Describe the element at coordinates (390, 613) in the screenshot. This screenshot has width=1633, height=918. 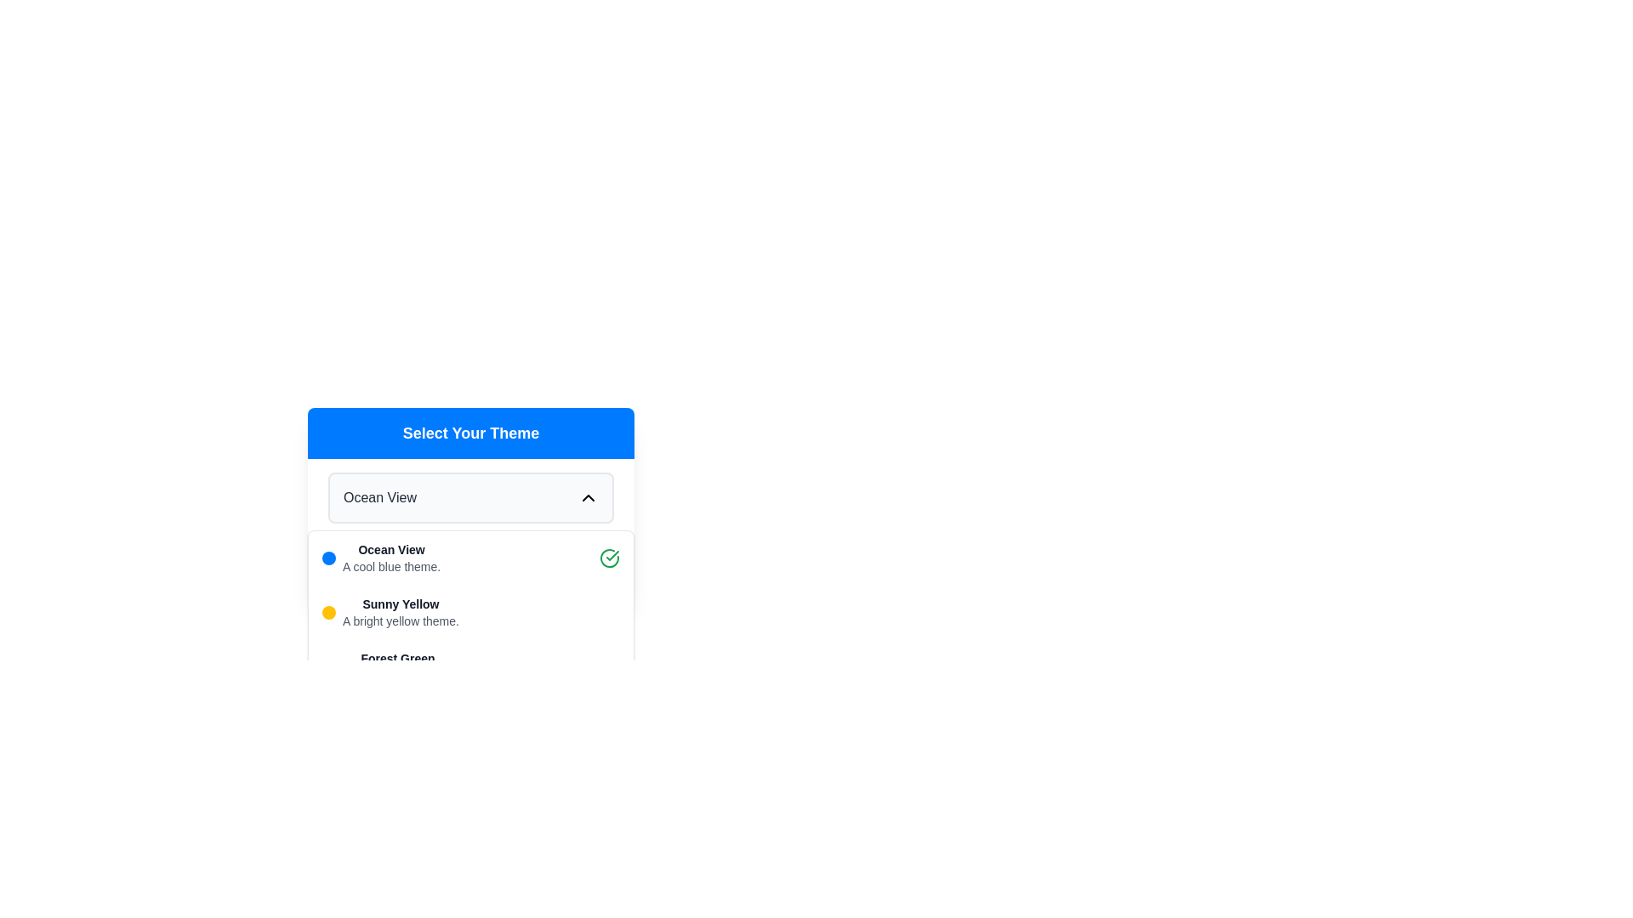
I see `the theme selection option represented by a circular yellow color indicator and description, which is the second item in the list of theme options` at that location.